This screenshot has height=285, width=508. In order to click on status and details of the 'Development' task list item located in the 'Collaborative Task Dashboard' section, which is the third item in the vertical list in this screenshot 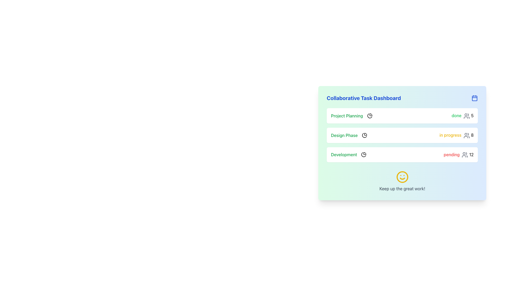, I will do `click(402, 154)`.